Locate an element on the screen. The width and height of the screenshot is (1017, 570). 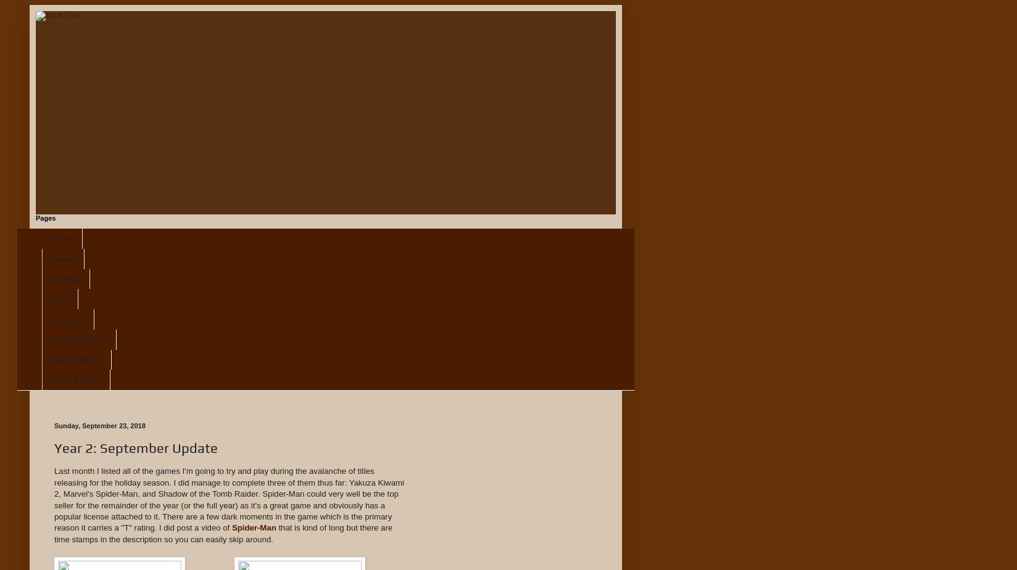
'Gaming' is located at coordinates (65, 277).